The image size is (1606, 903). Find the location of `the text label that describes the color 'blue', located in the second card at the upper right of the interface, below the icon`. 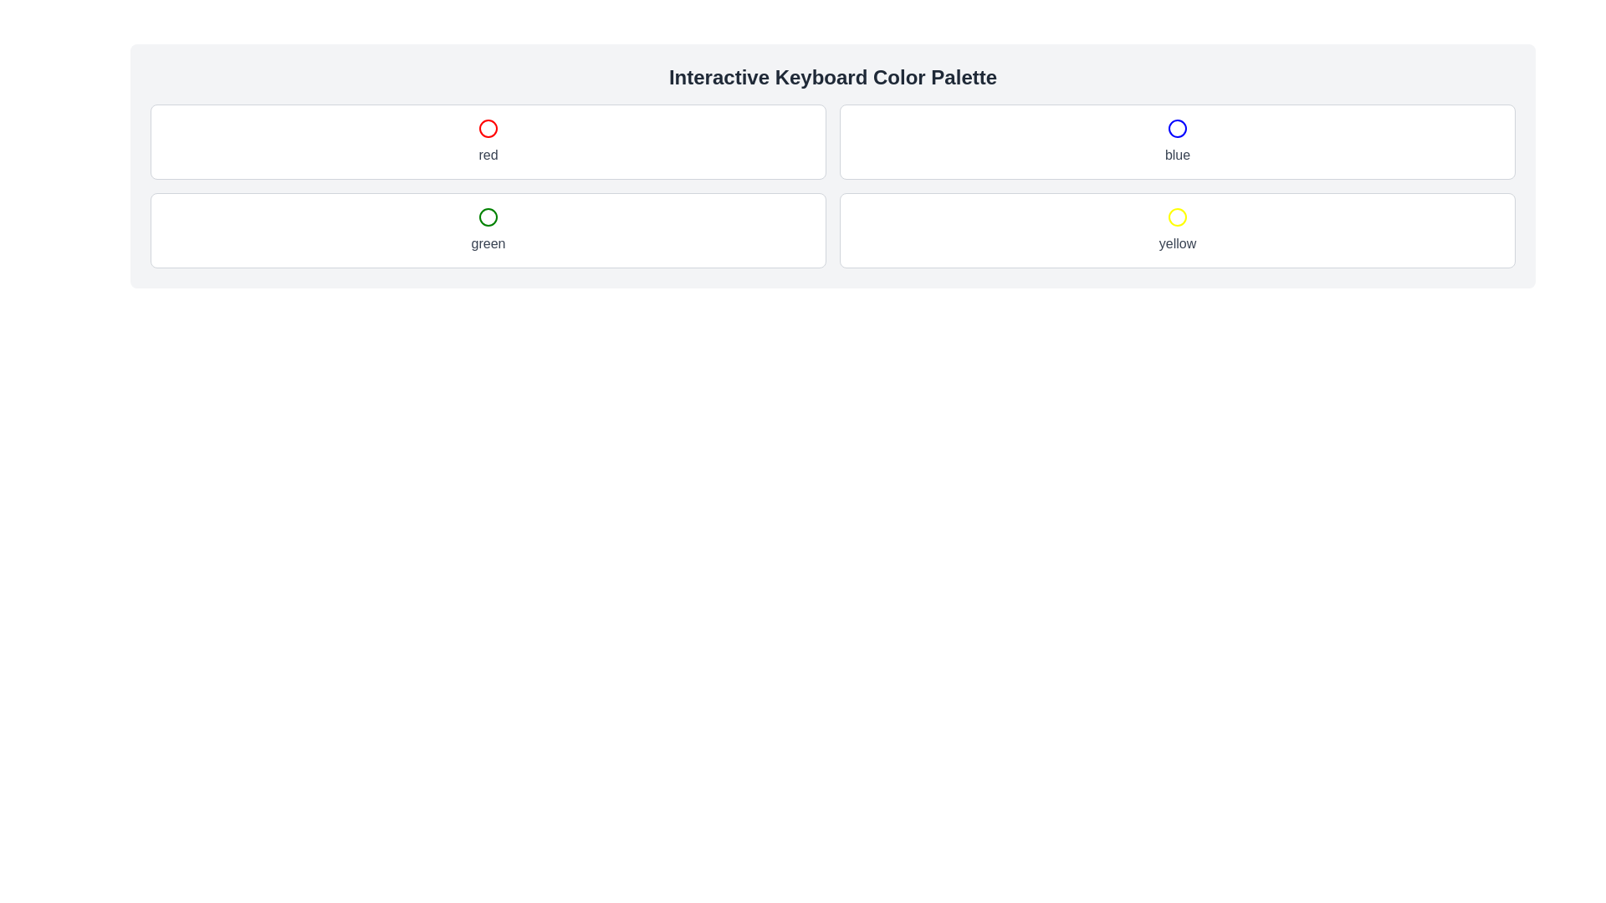

the text label that describes the color 'blue', located in the second card at the upper right of the interface, below the icon is located at coordinates (1176, 155).